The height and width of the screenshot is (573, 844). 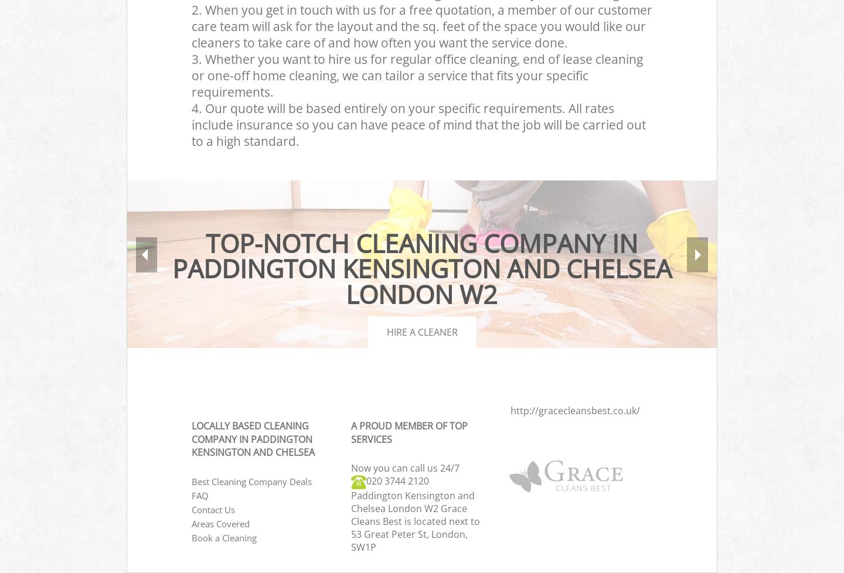 What do you see at coordinates (574, 410) in the screenshot?
I see `'http://gracecleansbest.co.uk/'` at bounding box center [574, 410].